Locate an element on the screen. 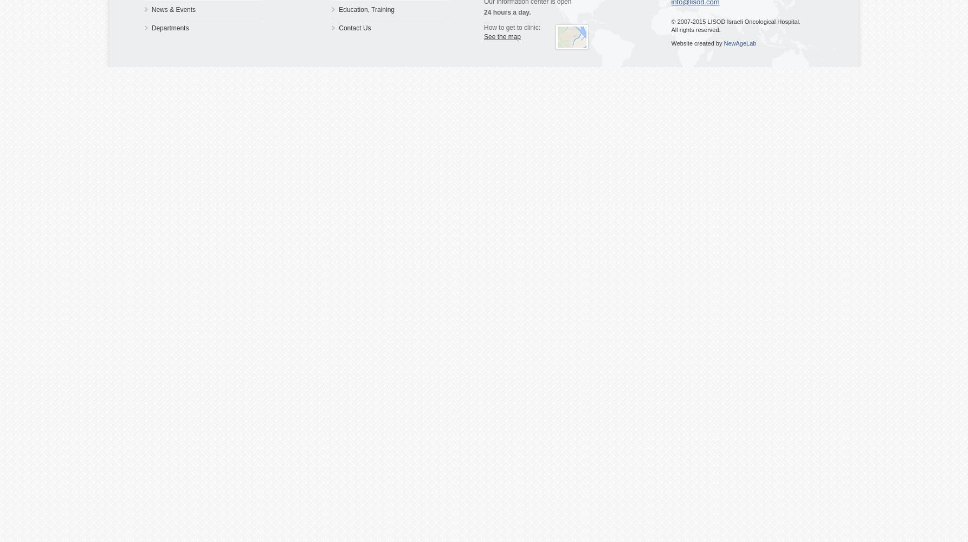  'News & Events' is located at coordinates (173, 10).